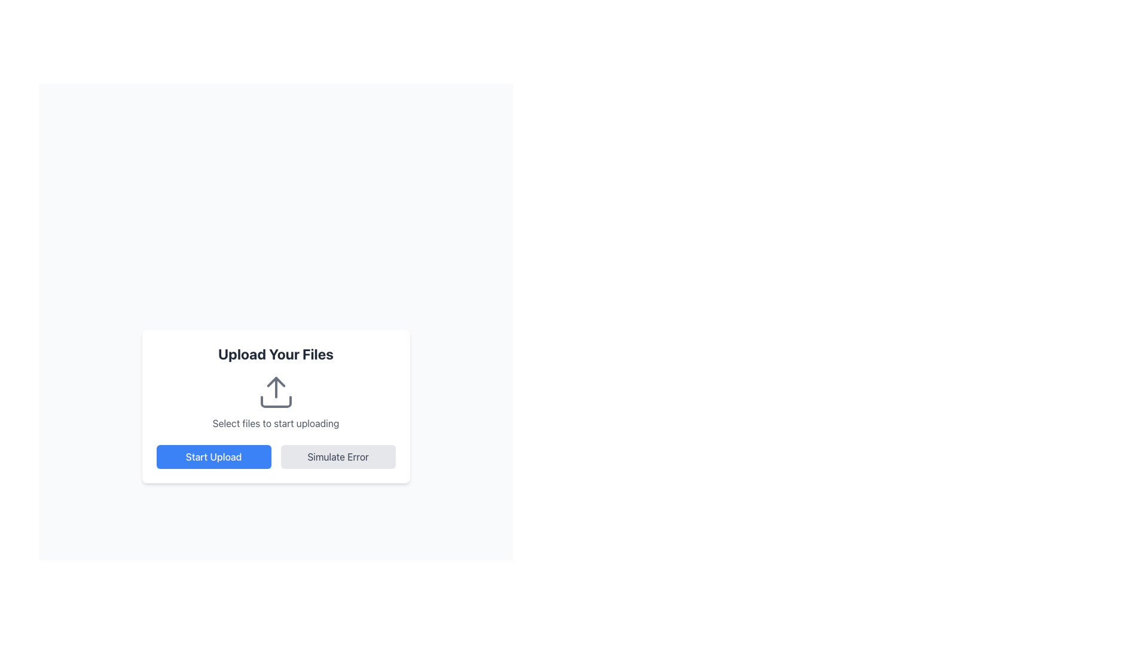 The width and height of the screenshot is (1148, 646). I want to click on the file upload icon located centrally above the text 'Select files to start uploading' and below 'Upload Your Files', so click(275, 392).